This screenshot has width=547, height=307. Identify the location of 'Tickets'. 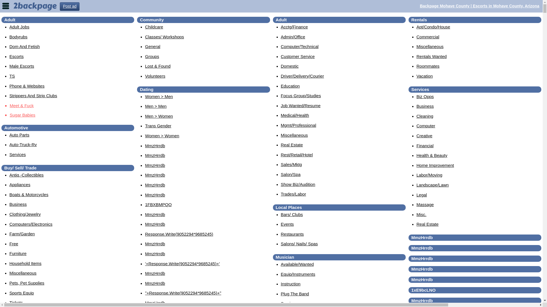
(16, 302).